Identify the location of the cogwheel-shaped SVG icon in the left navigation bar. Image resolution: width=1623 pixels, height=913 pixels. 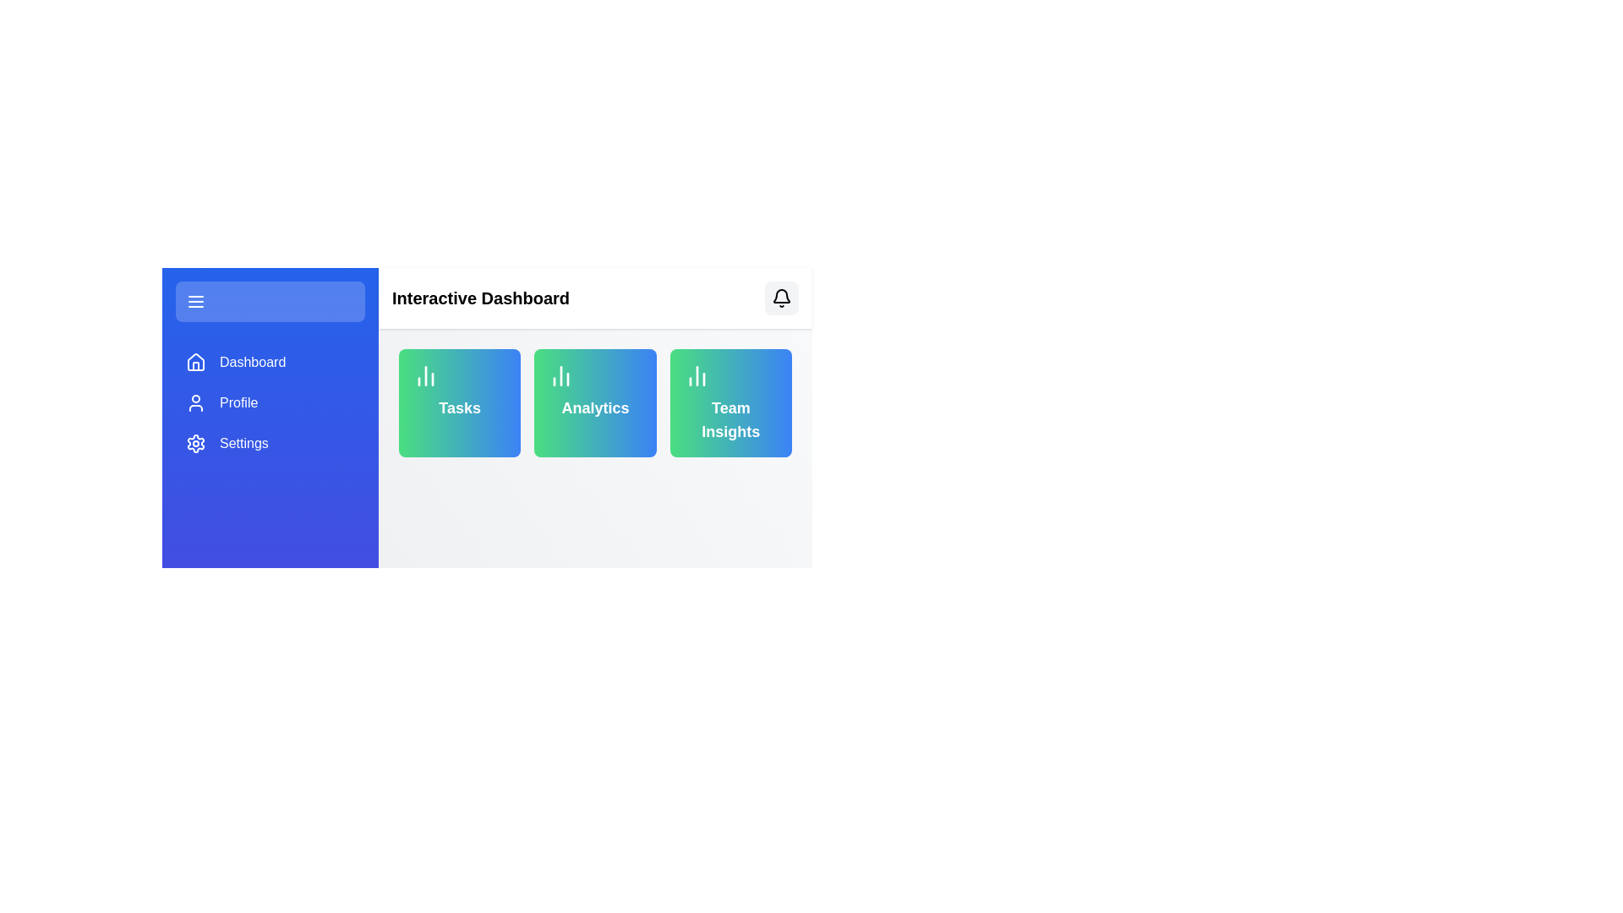
(195, 442).